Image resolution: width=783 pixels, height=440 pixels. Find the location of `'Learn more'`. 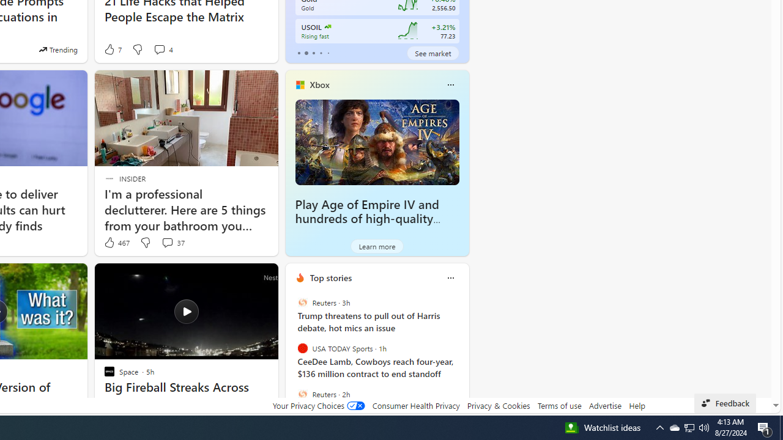

'Learn more' is located at coordinates (376, 246).